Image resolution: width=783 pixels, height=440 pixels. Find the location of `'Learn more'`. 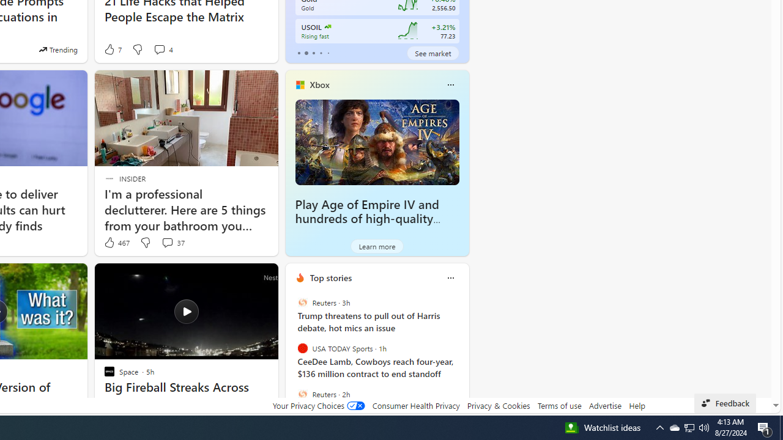

'Learn more' is located at coordinates (376, 246).